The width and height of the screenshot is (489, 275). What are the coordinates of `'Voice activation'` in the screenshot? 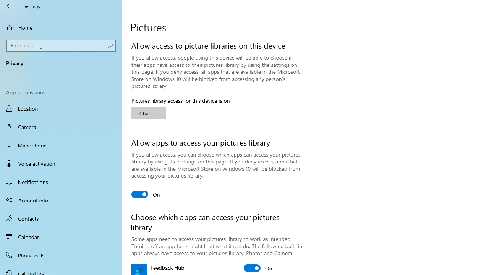 It's located at (61, 163).